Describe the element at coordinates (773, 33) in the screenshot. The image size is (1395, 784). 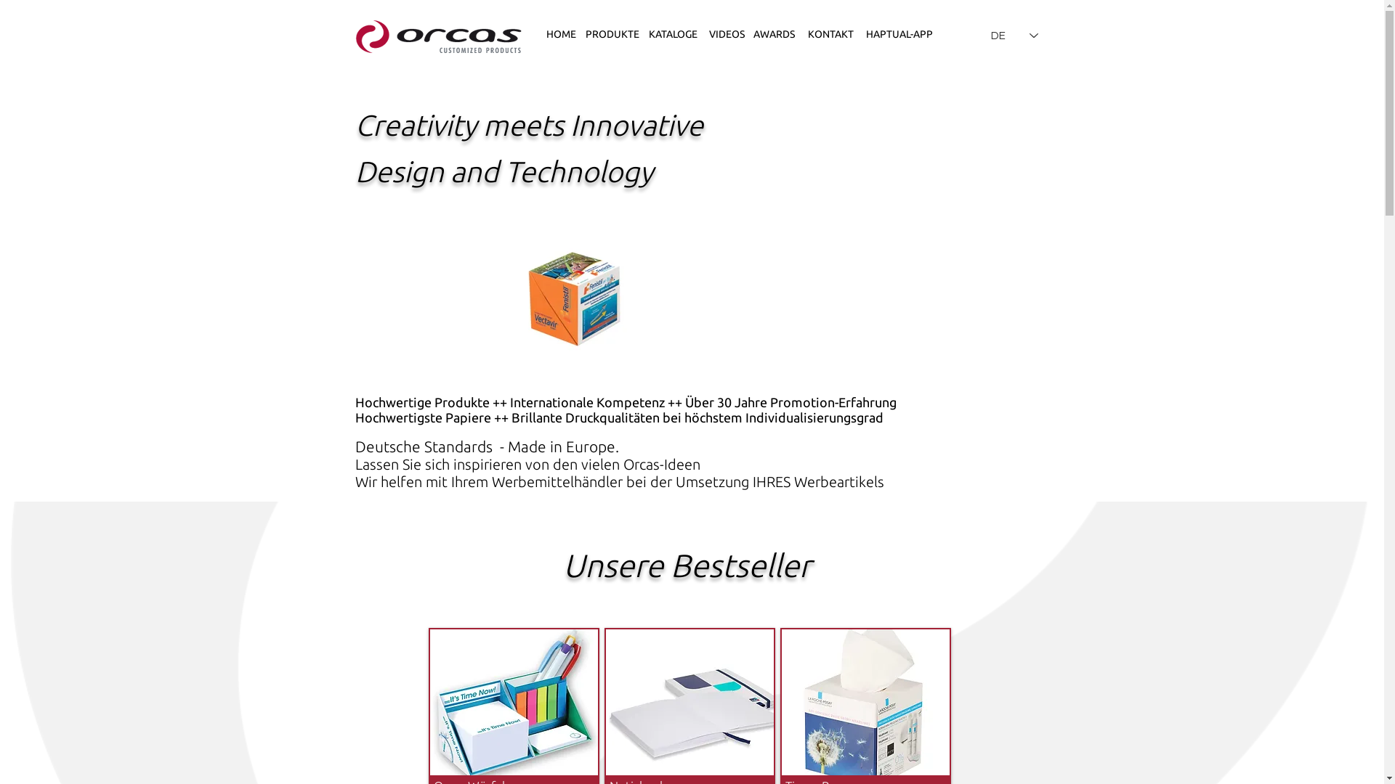
I see `'AWARDS'` at that location.